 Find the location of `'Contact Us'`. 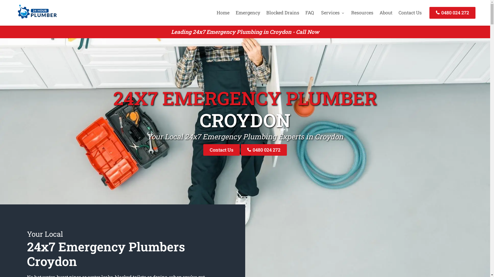

'Contact Us' is located at coordinates (410, 12).